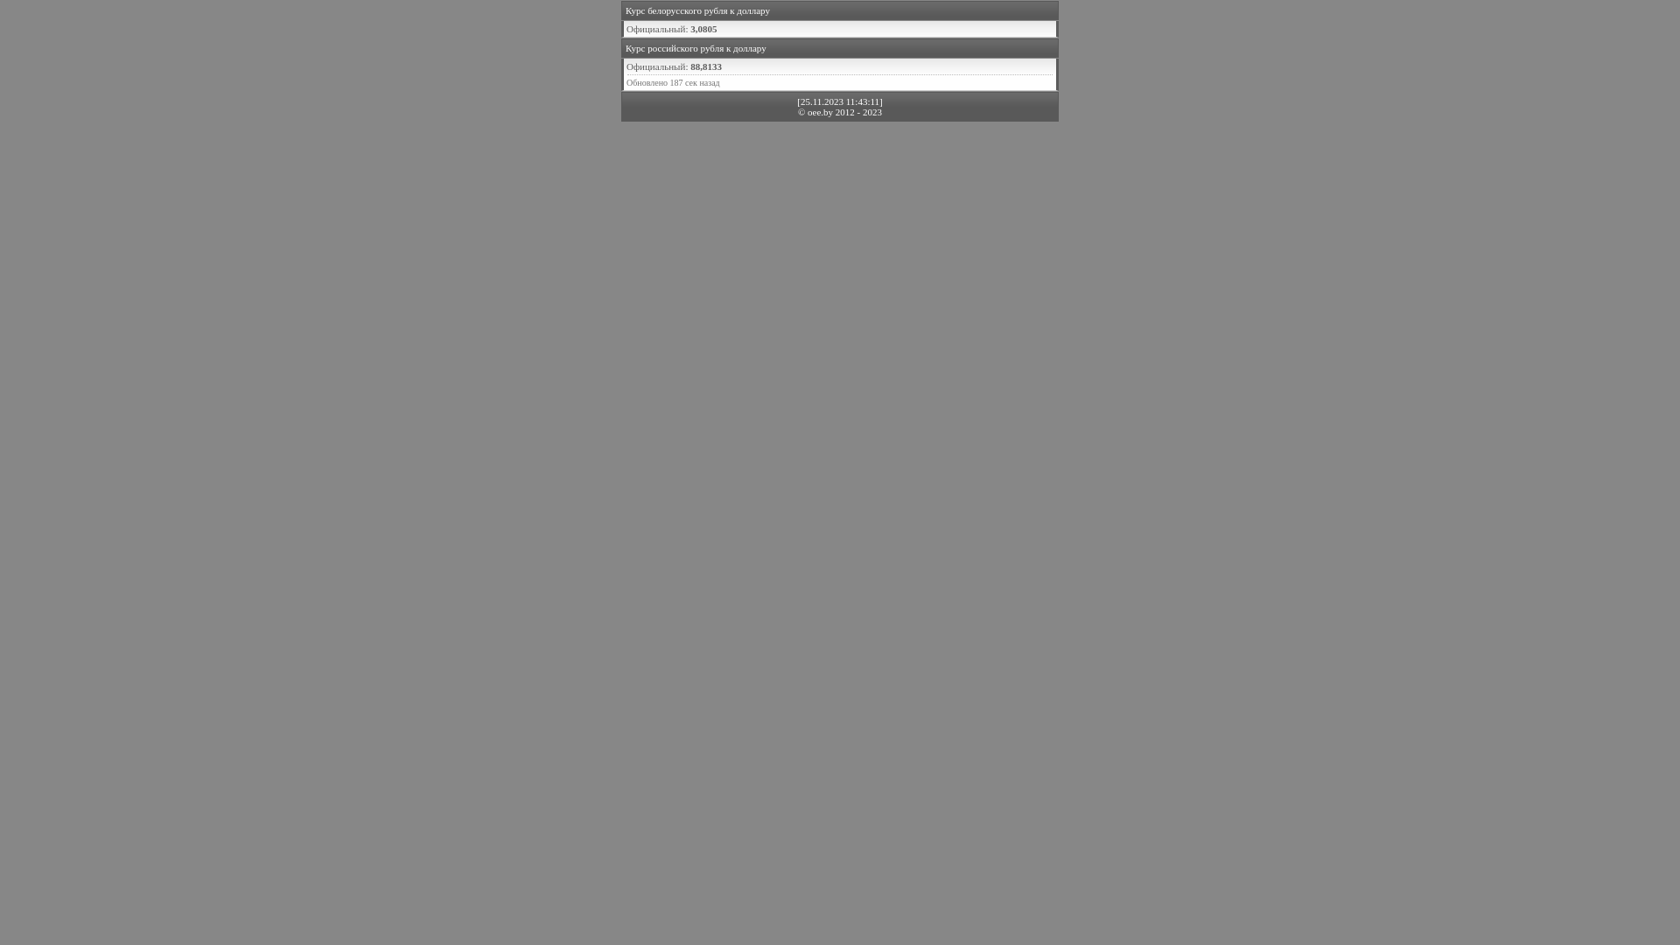 This screenshot has height=945, width=1680. I want to click on 'oee.by', so click(819, 111).